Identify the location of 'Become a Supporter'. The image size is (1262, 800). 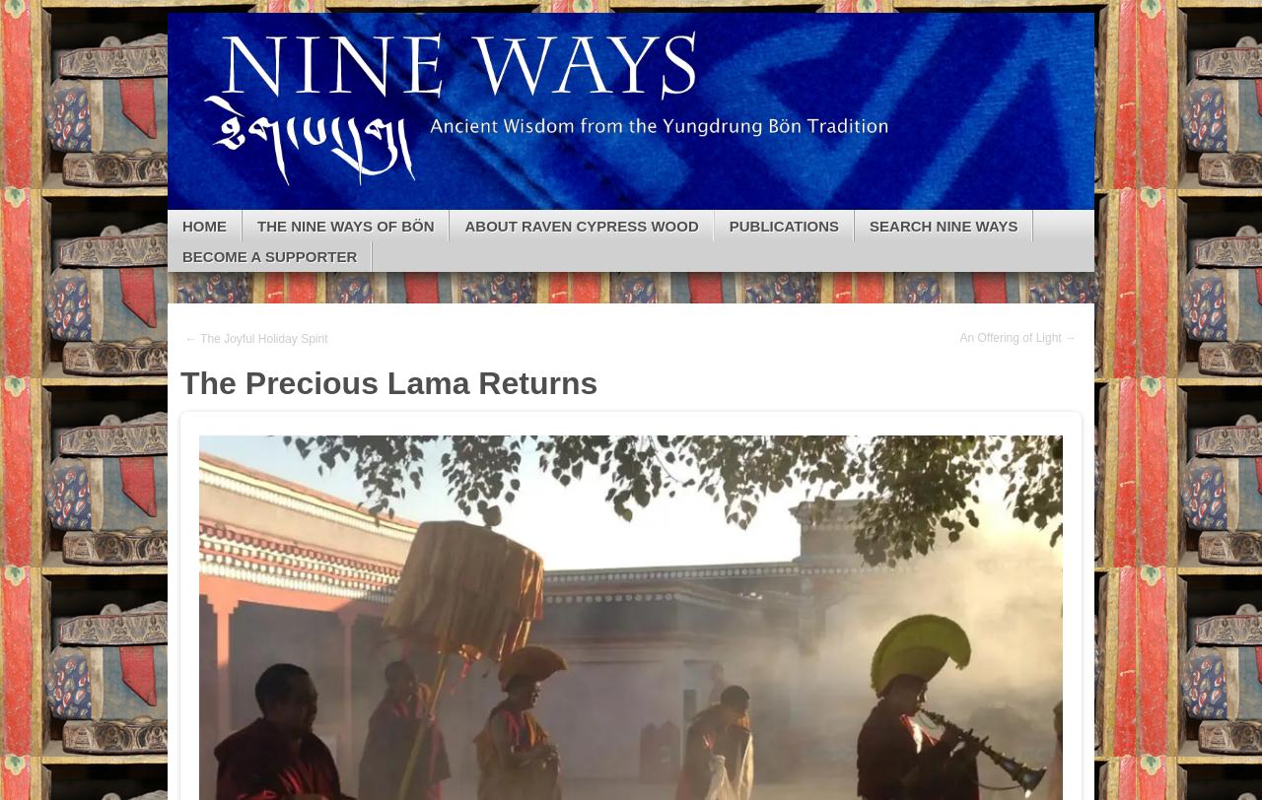
(181, 256).